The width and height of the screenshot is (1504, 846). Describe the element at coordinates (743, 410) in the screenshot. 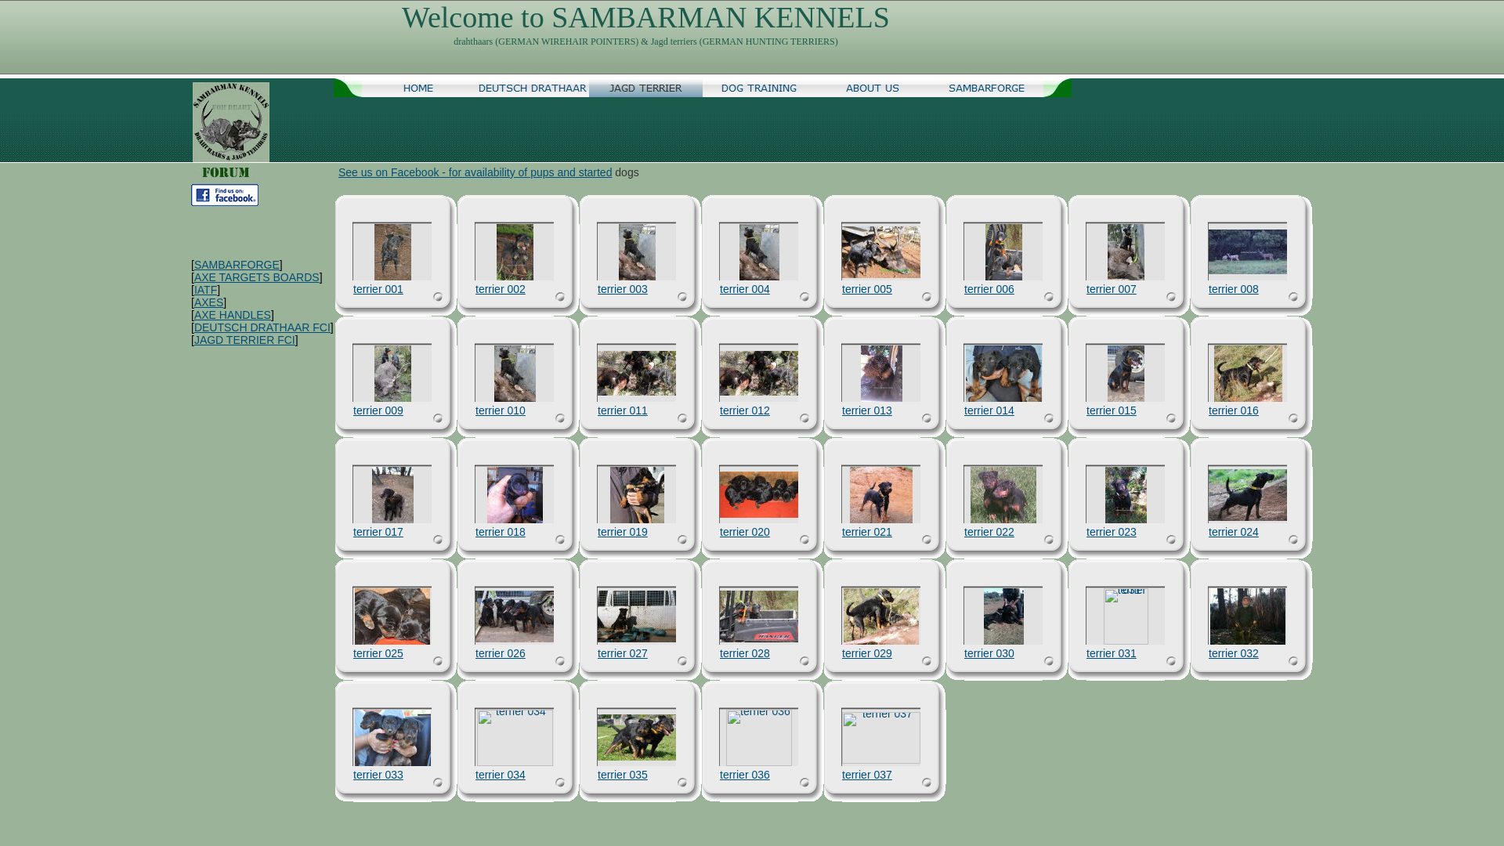

I see `'terrier 012'` at that location.